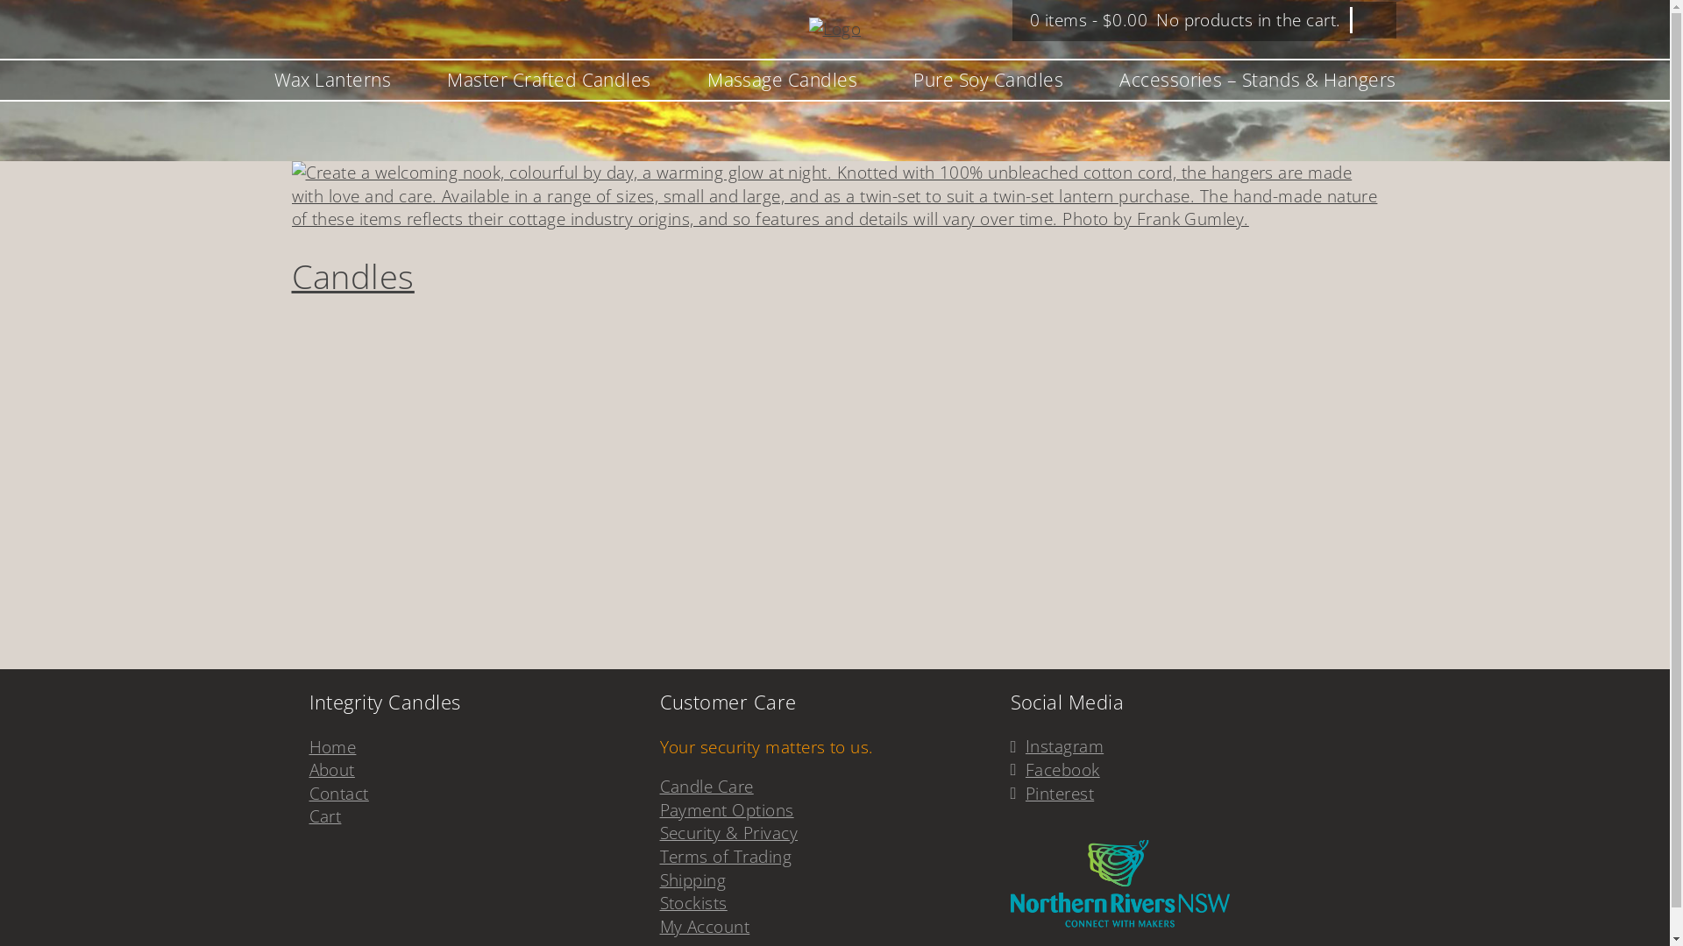  What do you see at coordinates (1088, 20) in the screenshot?
I see `'0 items - $0.00'` at bounding box center [1088, 20].